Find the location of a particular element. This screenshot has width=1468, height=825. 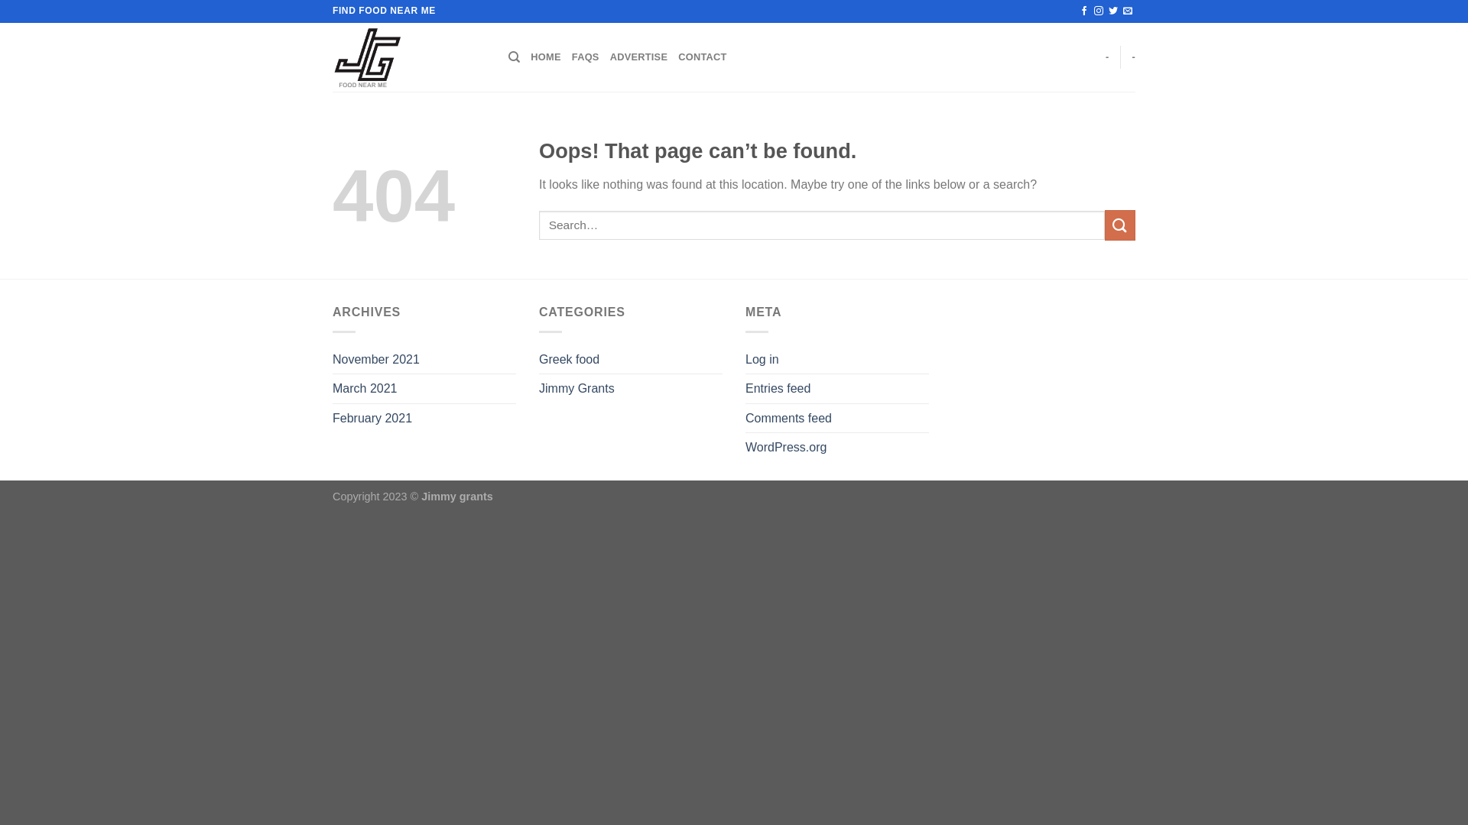

'Entries feed' is located at coordinates (778, 388).